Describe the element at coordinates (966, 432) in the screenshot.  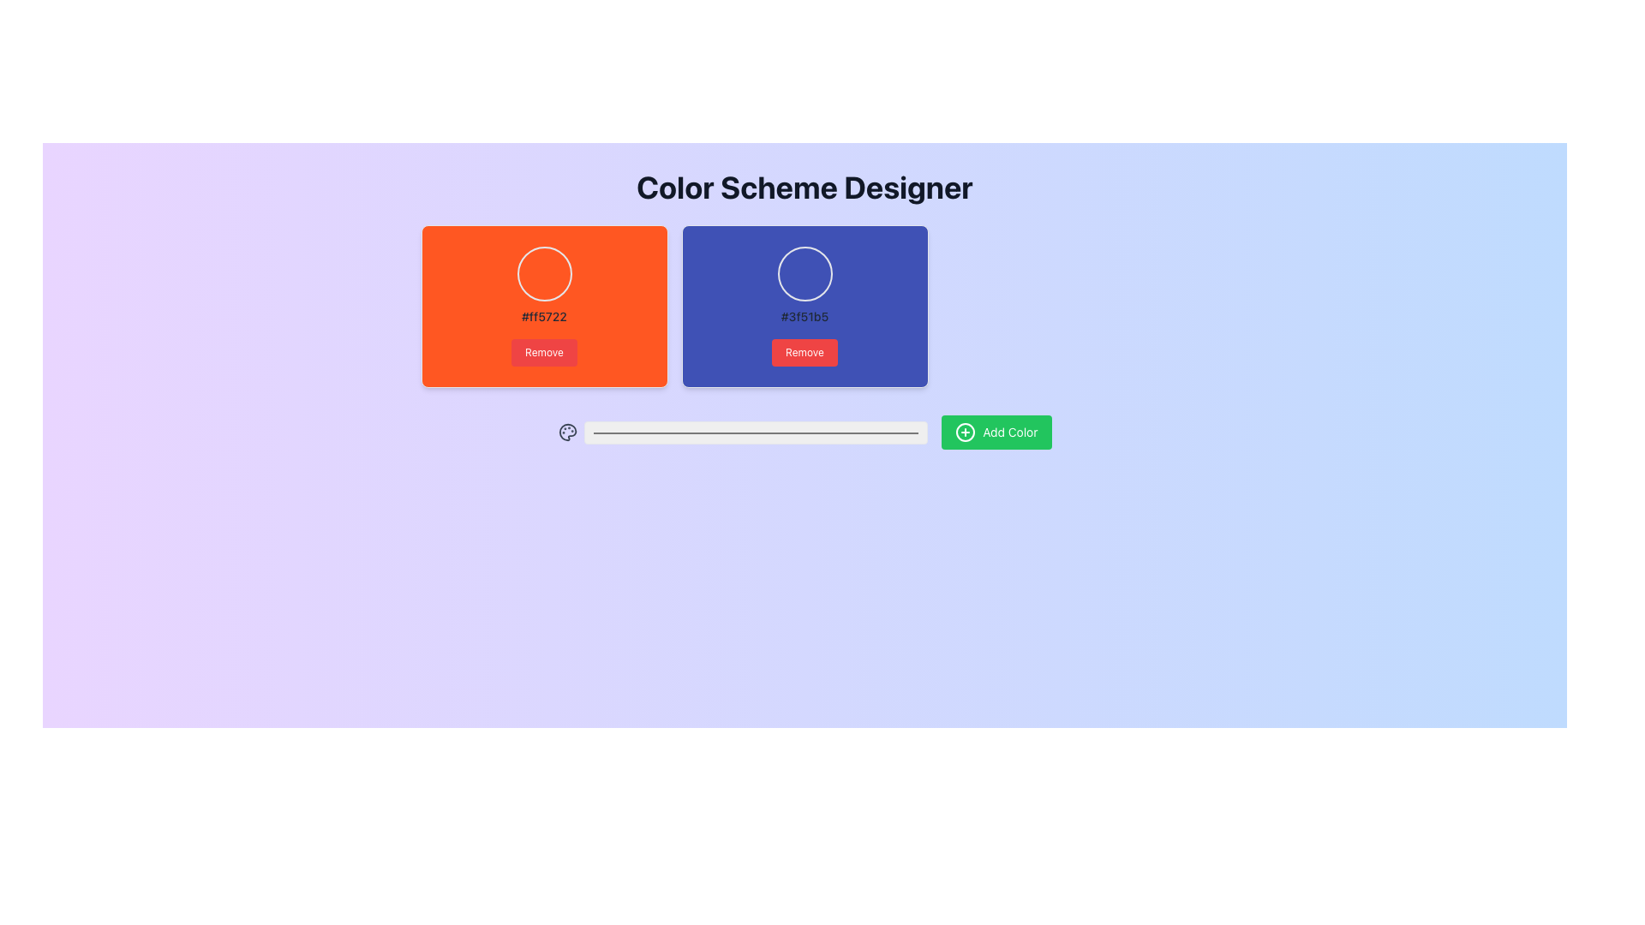
I see `the small circular white icon with a plus sign located on the green 'Add Color' button at the lower right corner of the interface` at that location.